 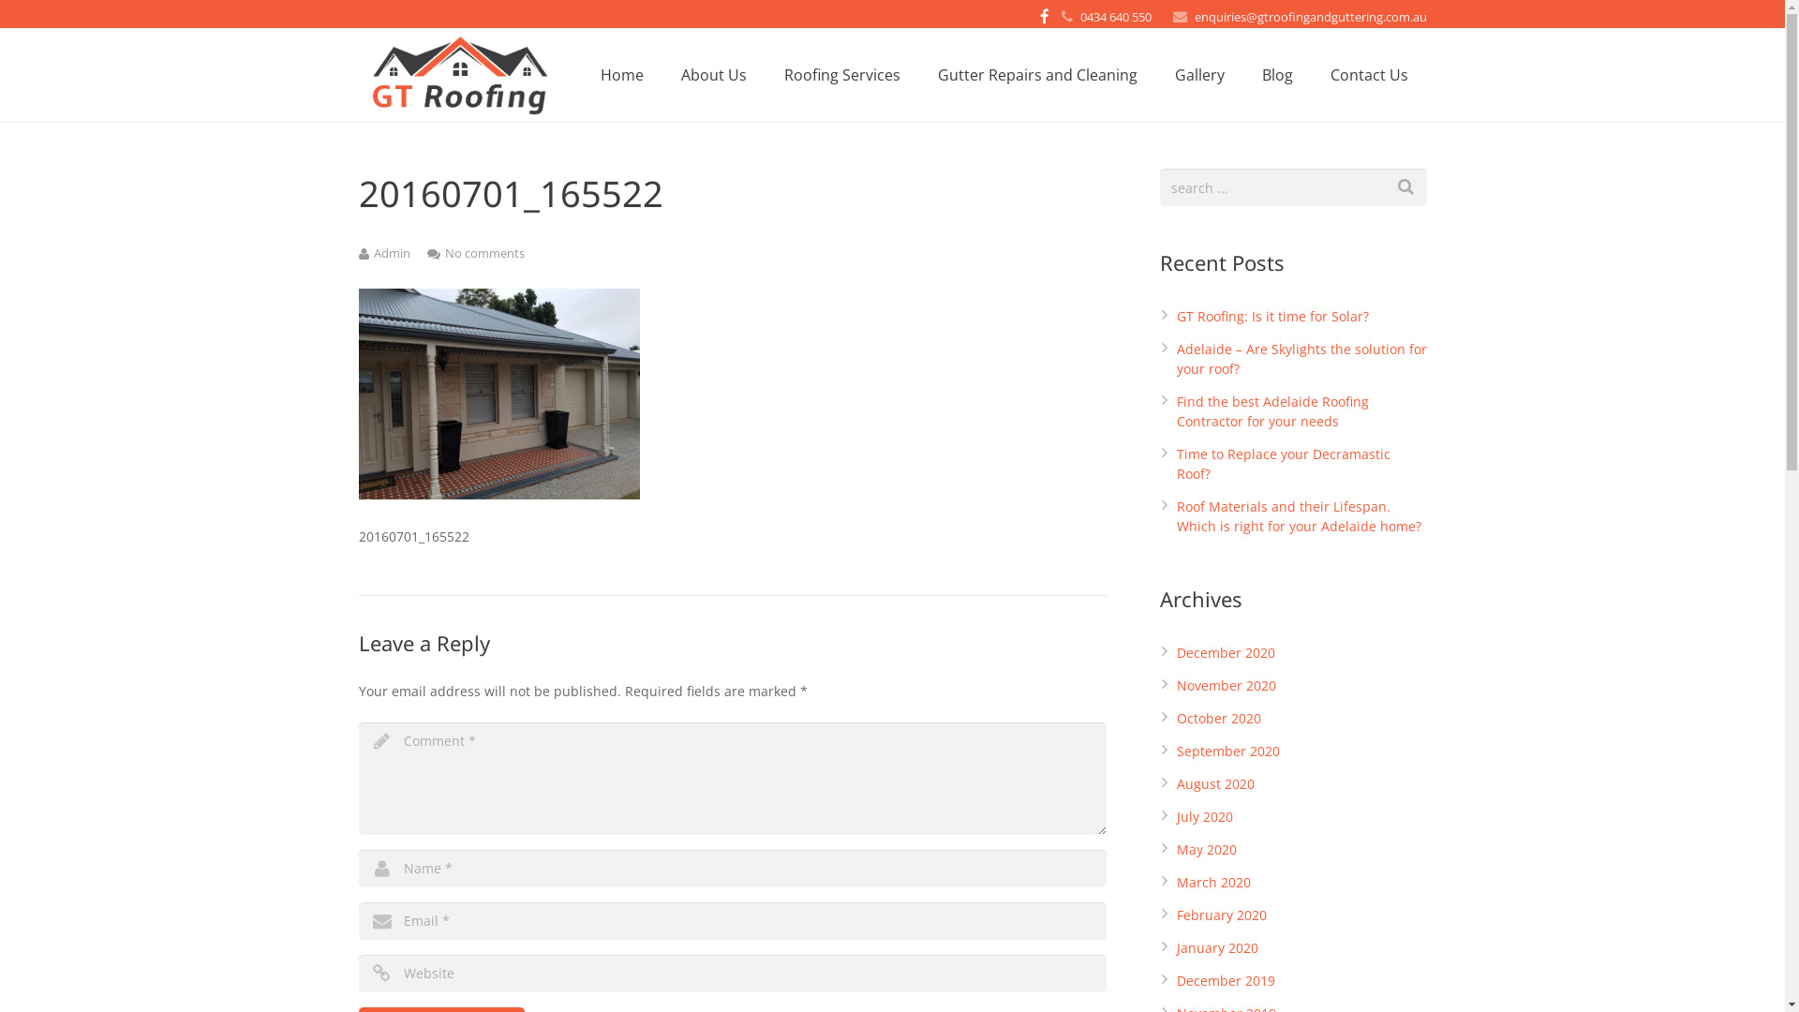 What do you see at coordinates (1217, 947) in the screenshot?
I see `'January 2020'` at bounding box center [1217, 947].